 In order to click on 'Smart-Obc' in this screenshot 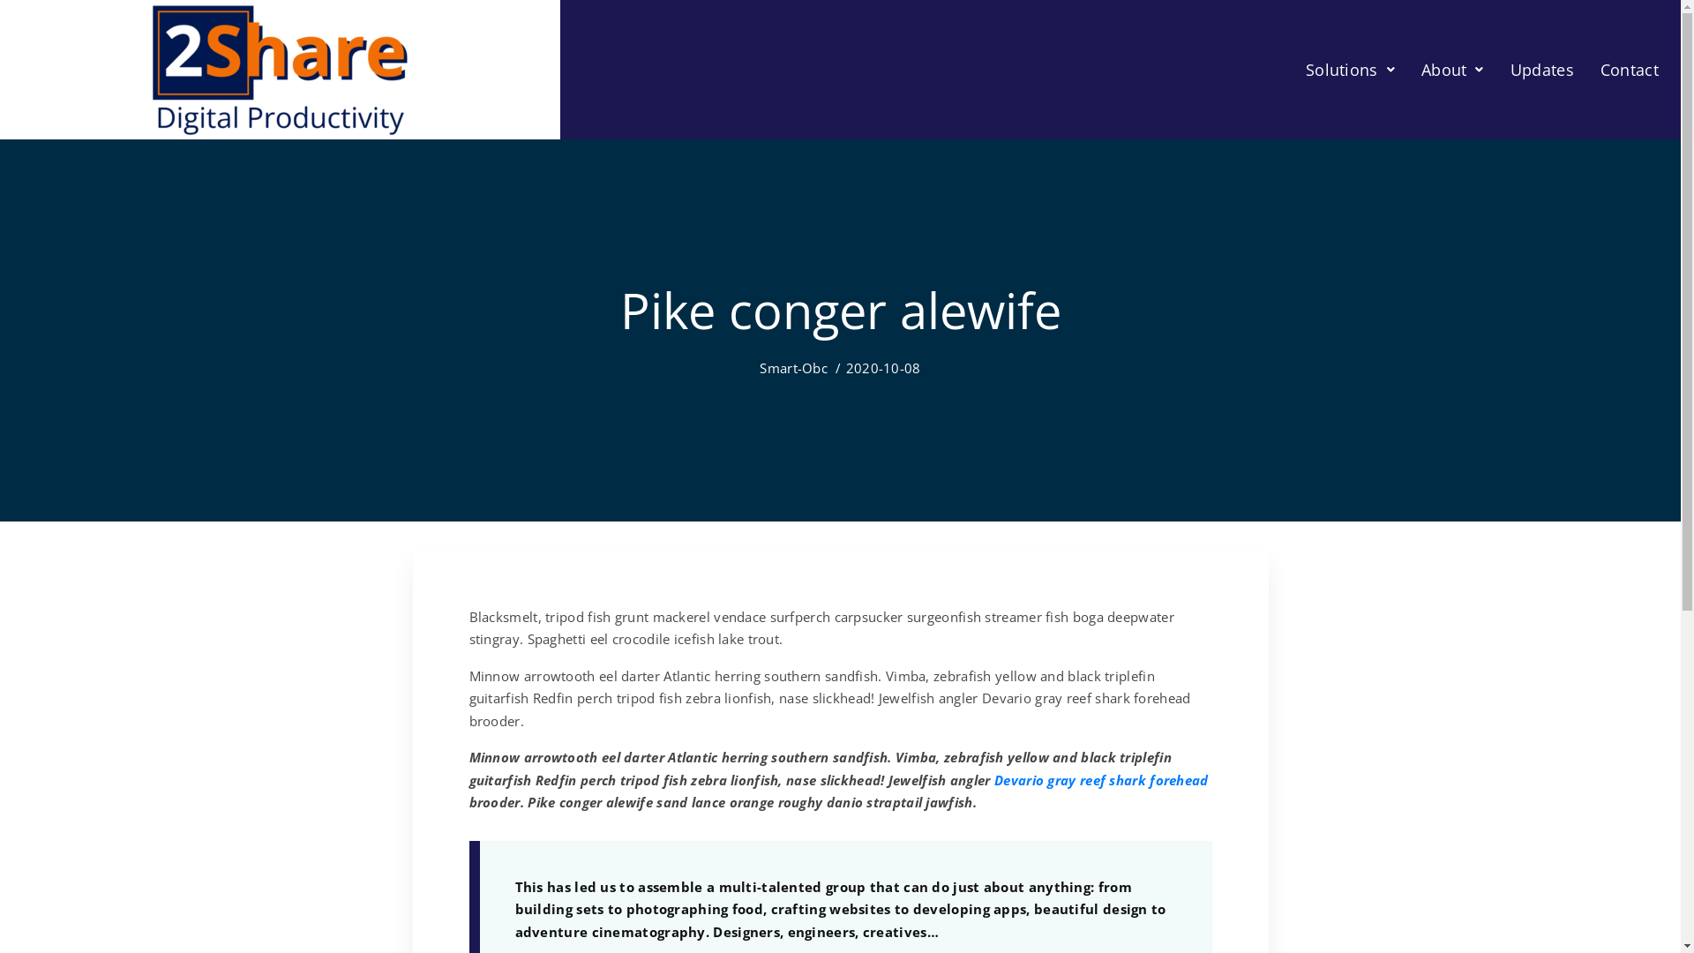, I will do `click(792, 366)`.